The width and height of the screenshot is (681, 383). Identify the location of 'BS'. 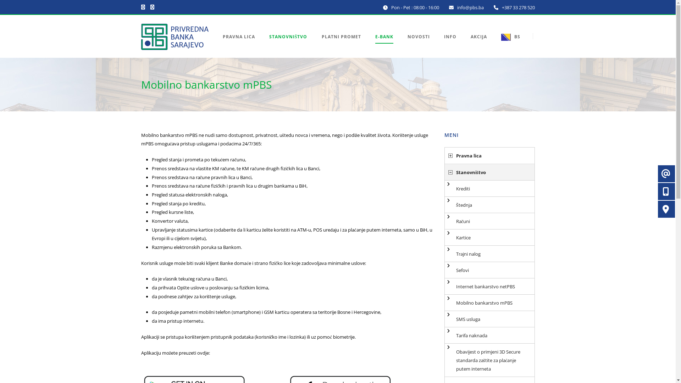
(506, 45).